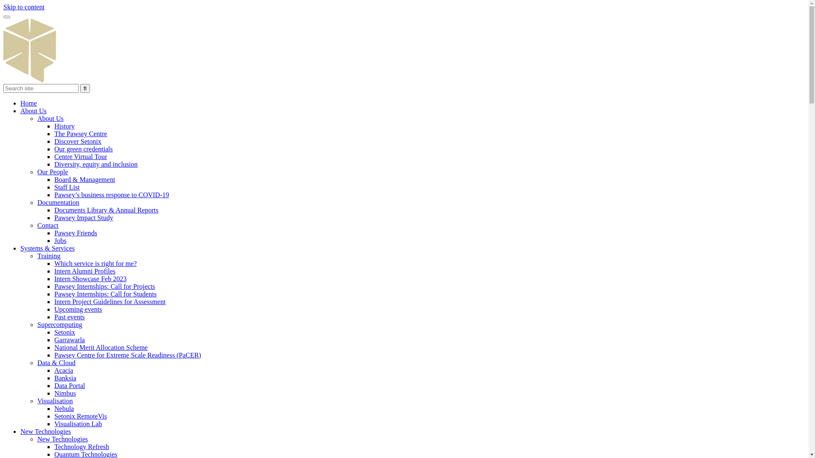 Image resolution: width=815 pixels, height=458 pixels. What do you see at coordinates (65, 377) in the screenshot?
I see `'Banksia'` at bounding box center [65, 377].